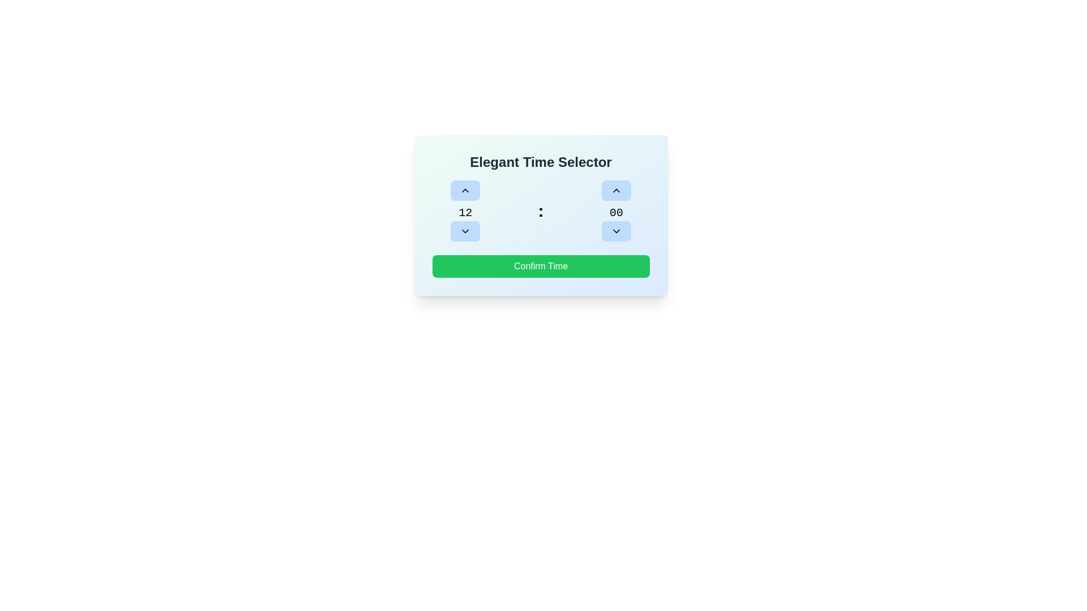  I want to click on the downward chevron button with rounded corners and a light blue background, located below the text '00' in the time selector component, so click(615, 230).